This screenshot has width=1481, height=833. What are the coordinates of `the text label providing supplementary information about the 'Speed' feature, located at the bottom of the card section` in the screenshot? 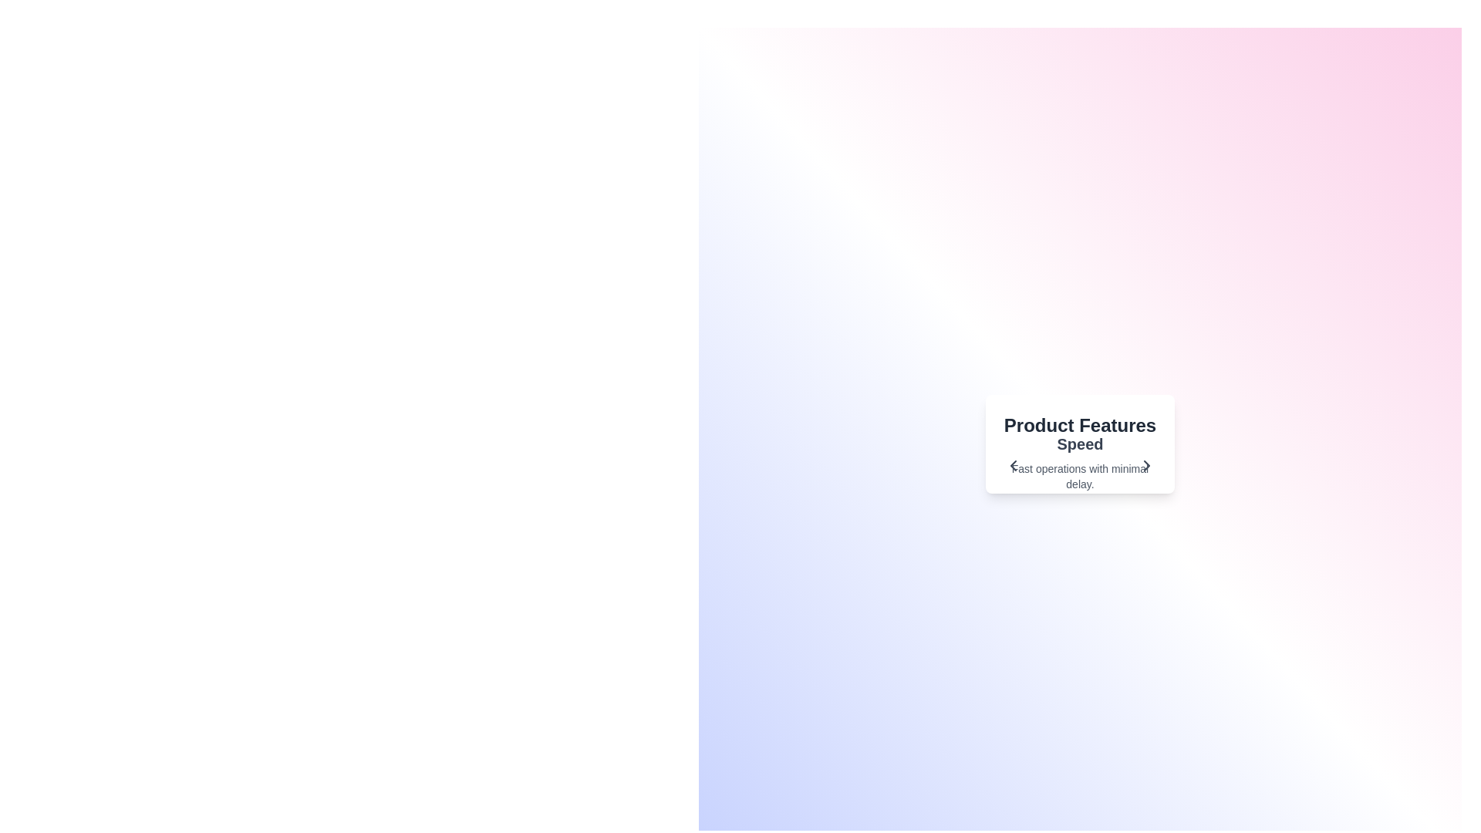 It's located at (1079, 475).